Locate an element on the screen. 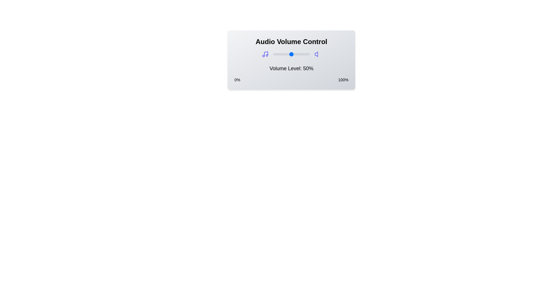  the volume to 43% by dragging the slider is located at coordinates (289, 54).